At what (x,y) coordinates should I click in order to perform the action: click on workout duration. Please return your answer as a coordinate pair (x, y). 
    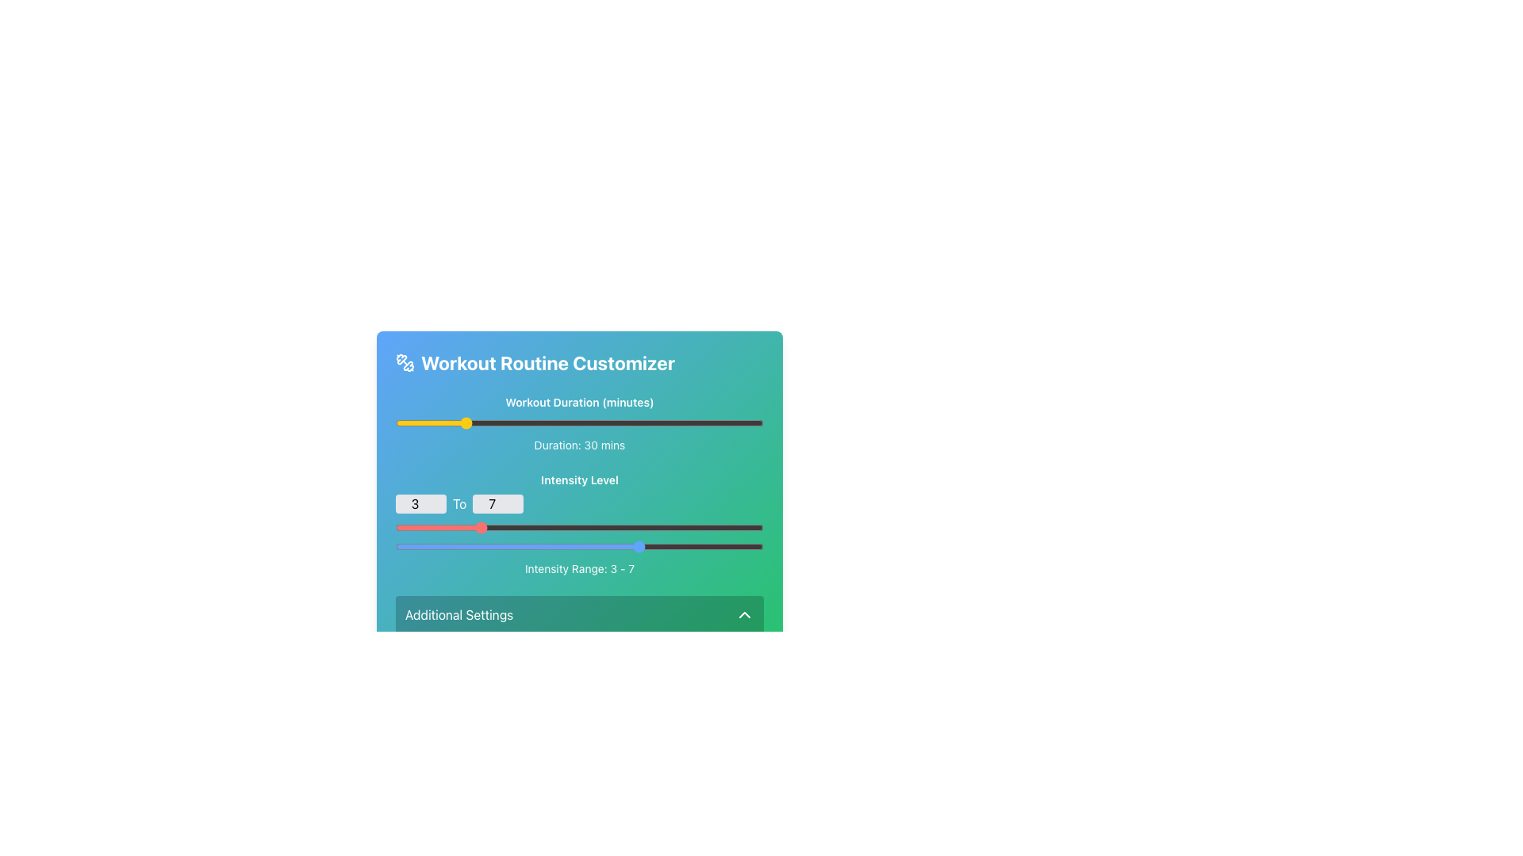
    Looking at the image, I should click on (492, 422).